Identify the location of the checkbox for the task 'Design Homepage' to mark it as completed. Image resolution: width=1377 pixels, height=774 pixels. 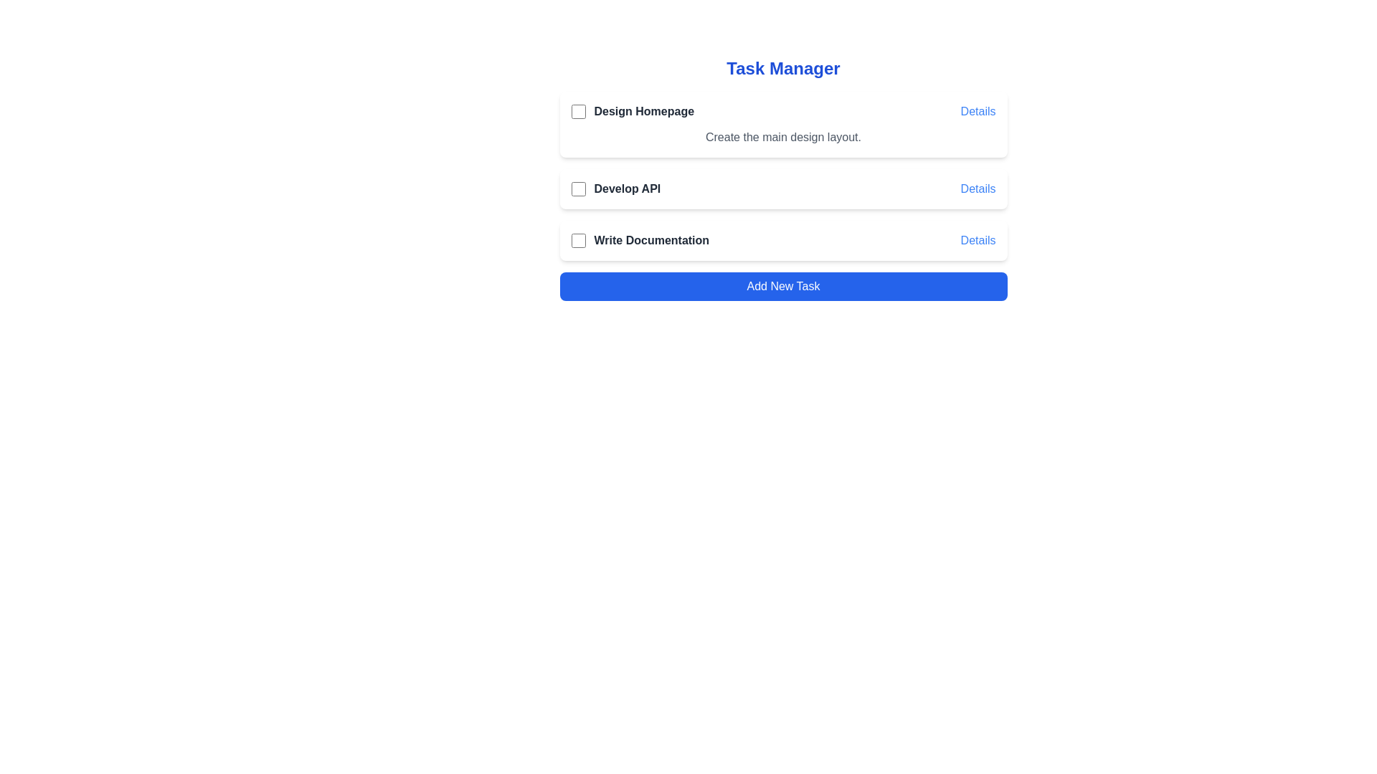
(578, 110).